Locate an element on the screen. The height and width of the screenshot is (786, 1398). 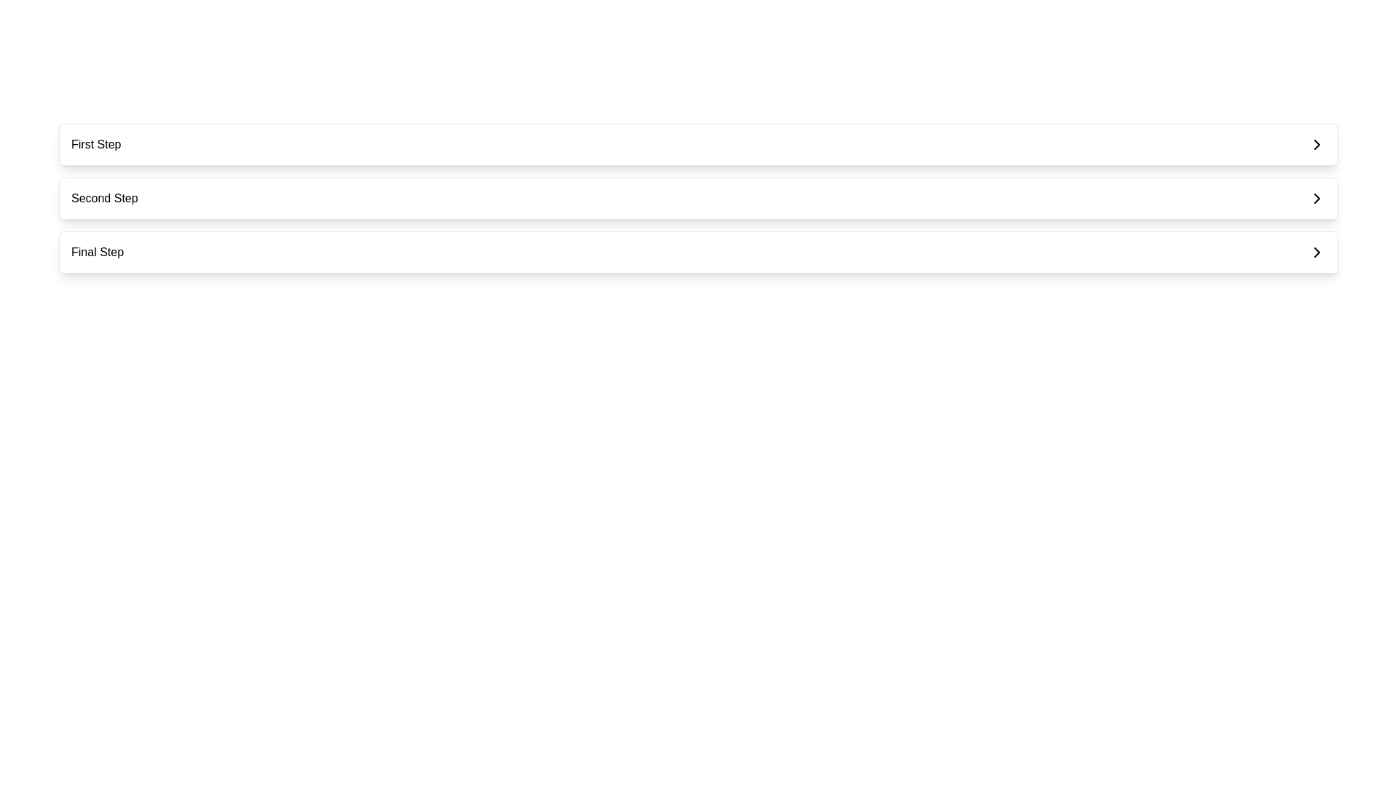
the right-facing chevron icon located at the extreme right of the 'First Step' list item to proceed or expand the section is located at coordinates (1317, 145).